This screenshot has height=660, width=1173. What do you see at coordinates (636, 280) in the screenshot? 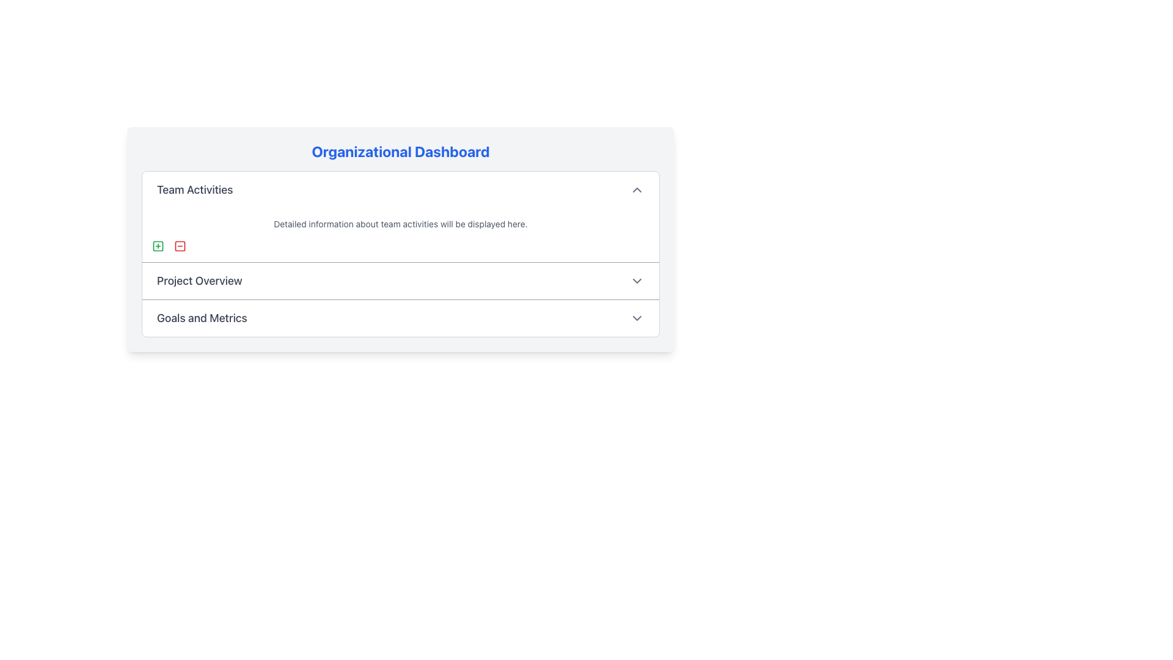
I see `the gray downward-pointing chevron icon located to the far right of the 'Project Overview' section` at bounding box center [636, 280].